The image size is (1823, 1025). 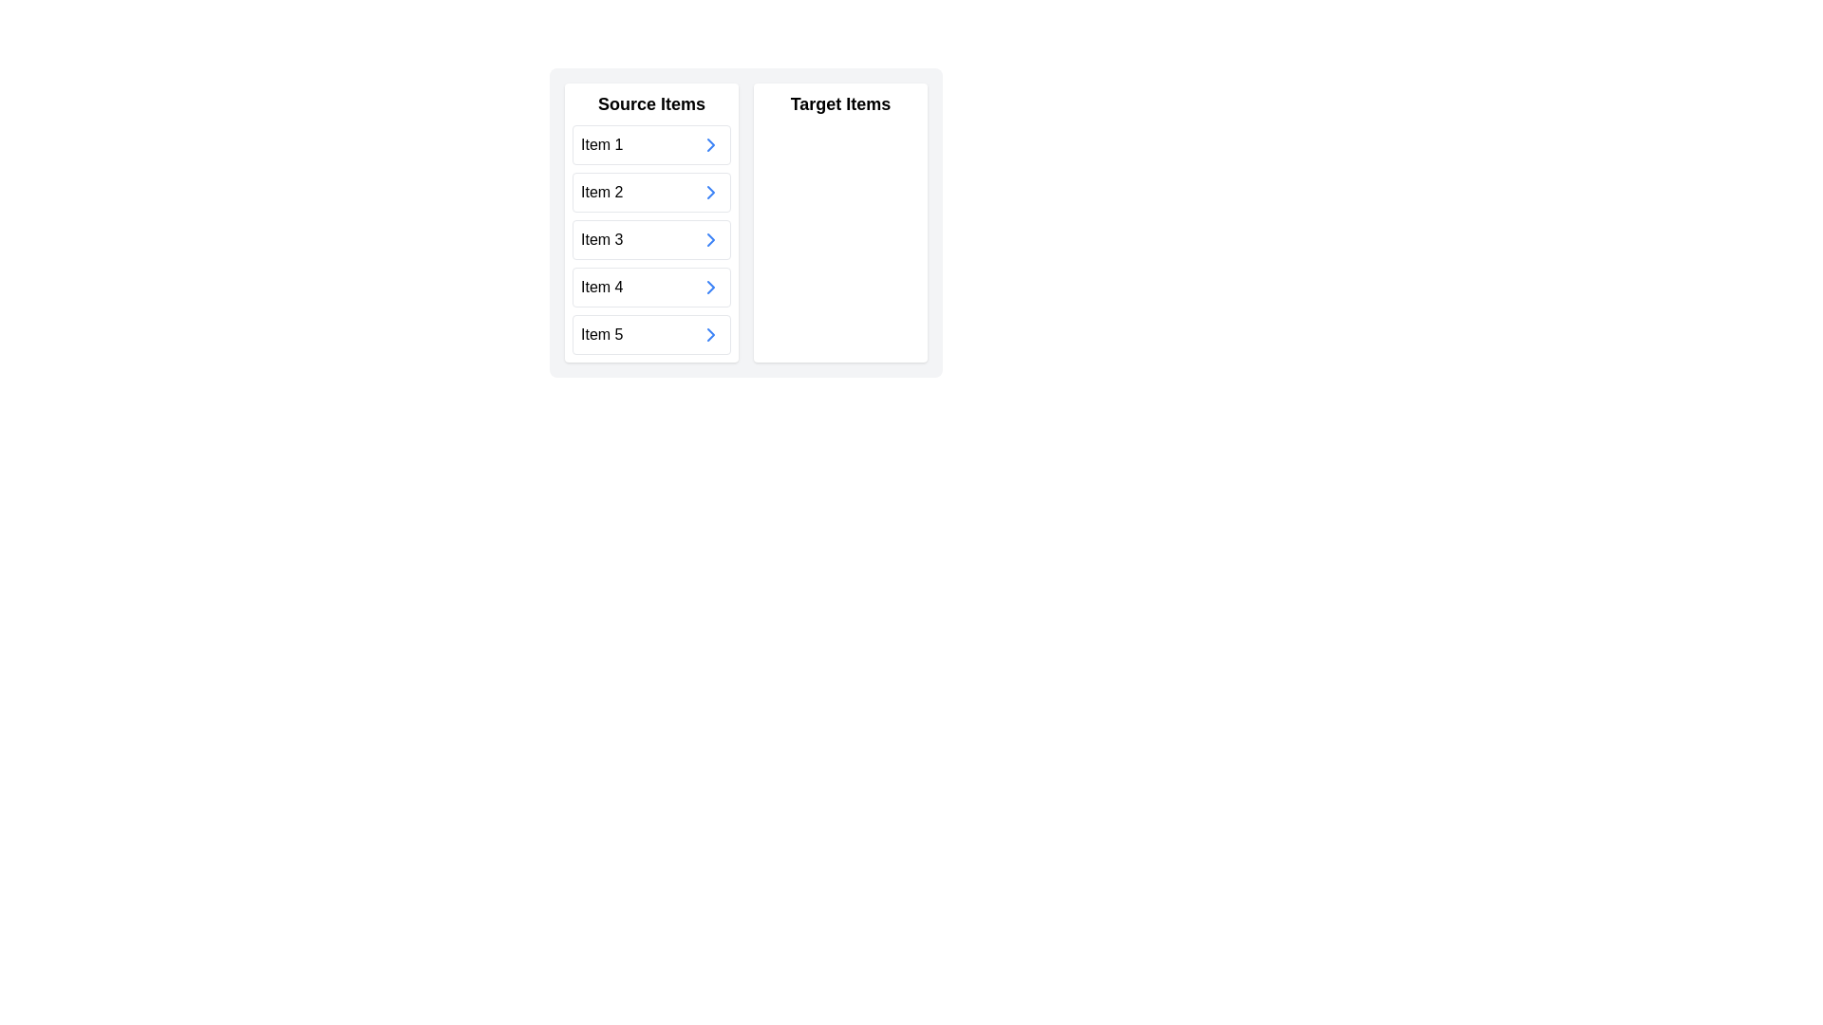 What do you see at coordinates (839, 104) in the screenshot?
I see `the bold, black-colored text displaying the title 'Target Items' located in the upper section of a white rectangular panel on the right side of a two-panel layout` at bounding box center [839, 104].